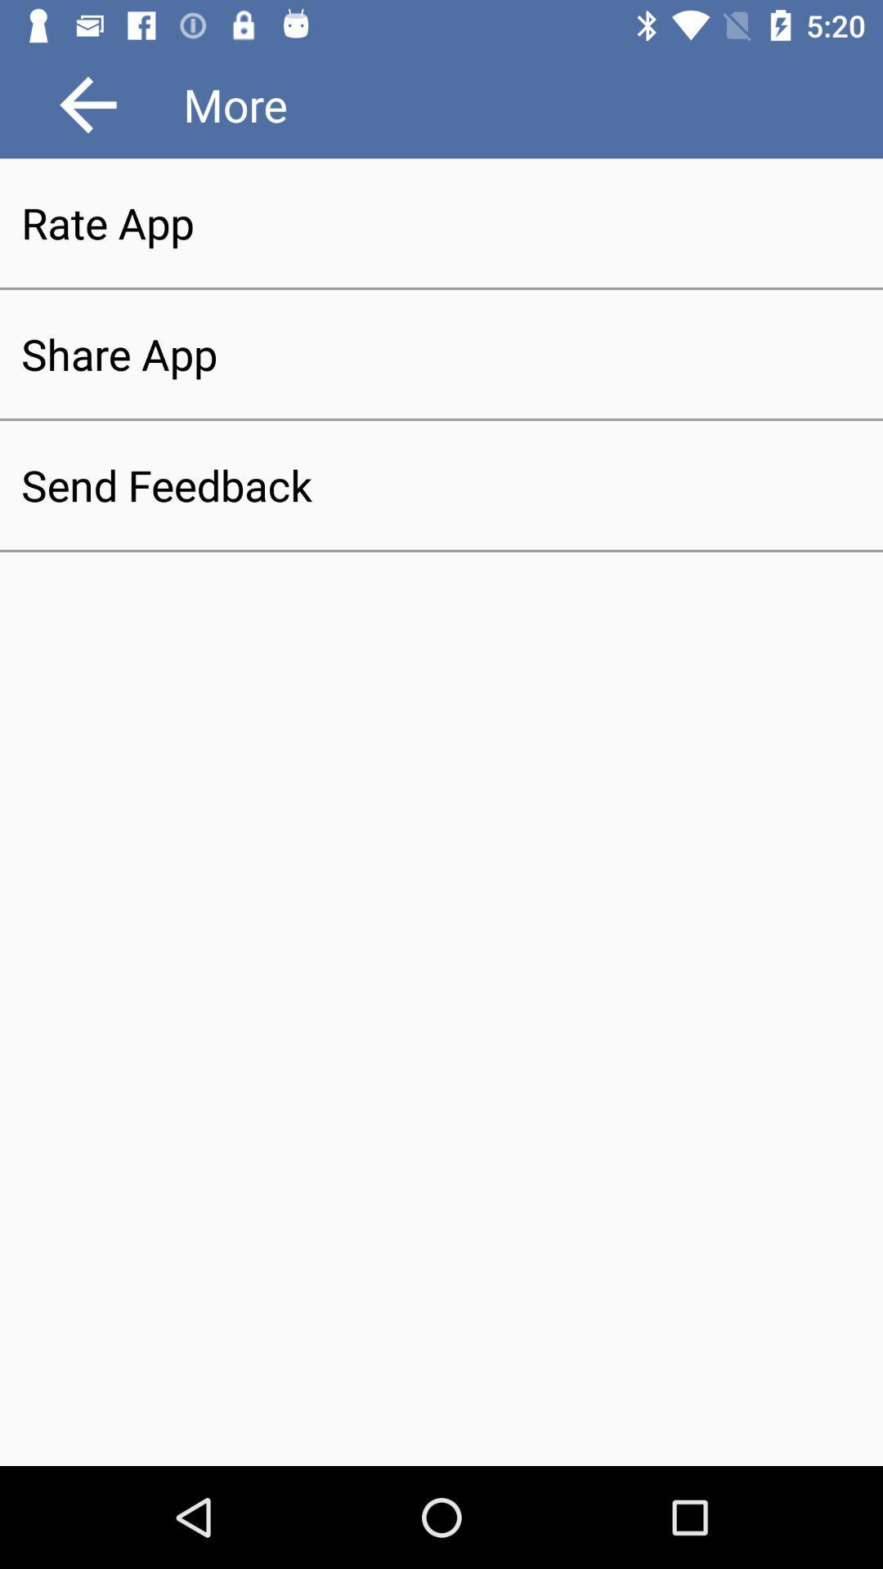  I want to click on icon at the top left corner, so click(88, 104).